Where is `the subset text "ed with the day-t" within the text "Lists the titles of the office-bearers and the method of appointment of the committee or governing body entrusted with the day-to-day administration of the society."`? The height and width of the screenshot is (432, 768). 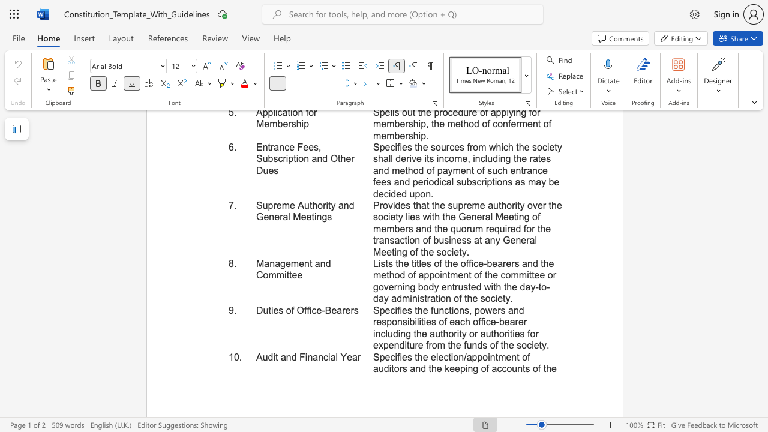 the subset text "ed with the day-t" within the text "Lists the titles of the office-bearers and the method of appointment of the committee or governing body entrusted with the day-to-day administration of the society." is located at coordinates (470, 287).